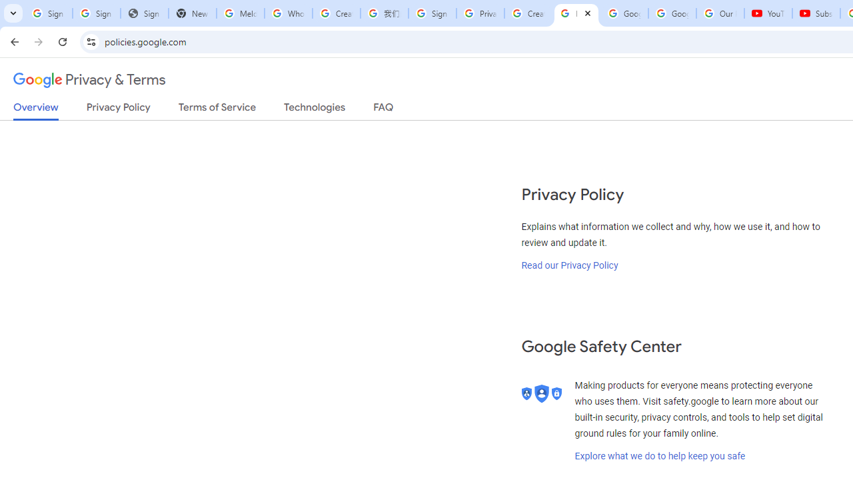 The image size is (853, 480). What do you see at coordinates (192, 13) in the screenshot?
I see `'New Tab'` at bounding box center [192, 13].